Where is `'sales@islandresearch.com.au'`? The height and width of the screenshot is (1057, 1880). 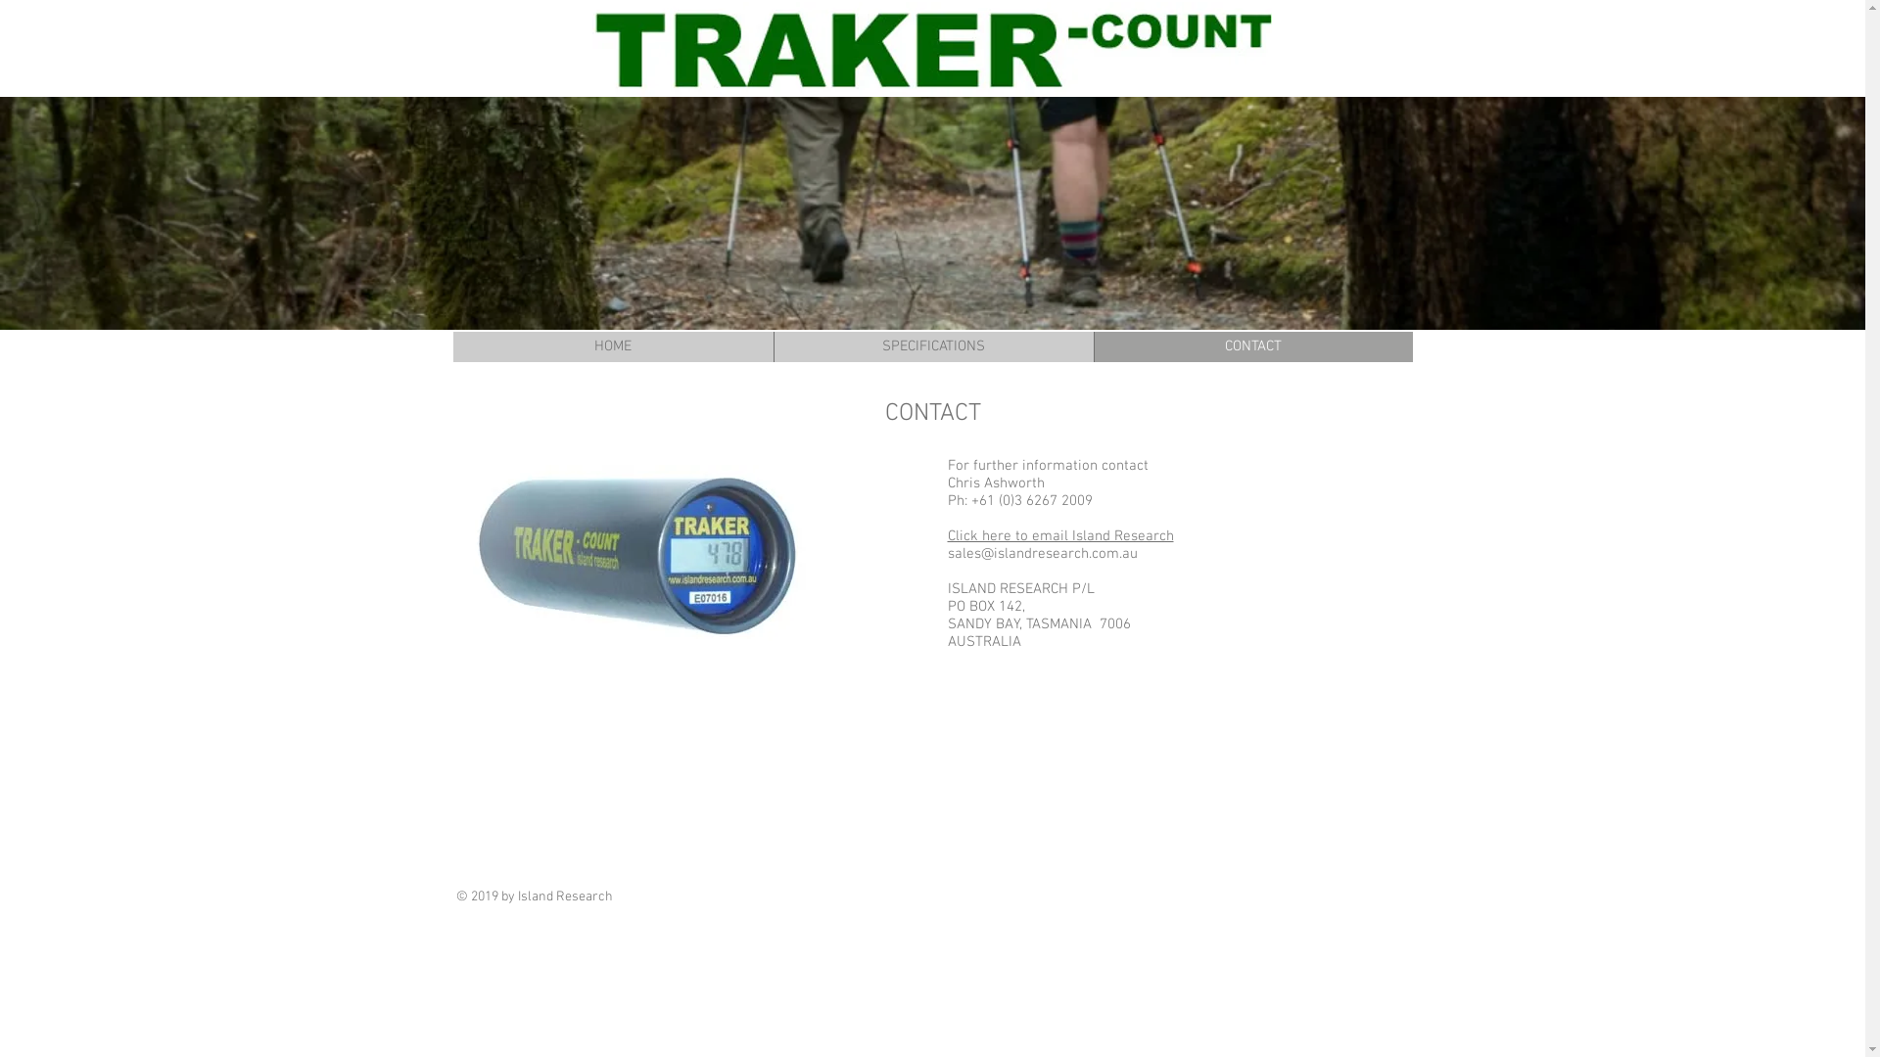
'sales@islandresearch.com.au' is located at coordinates (948, 554).